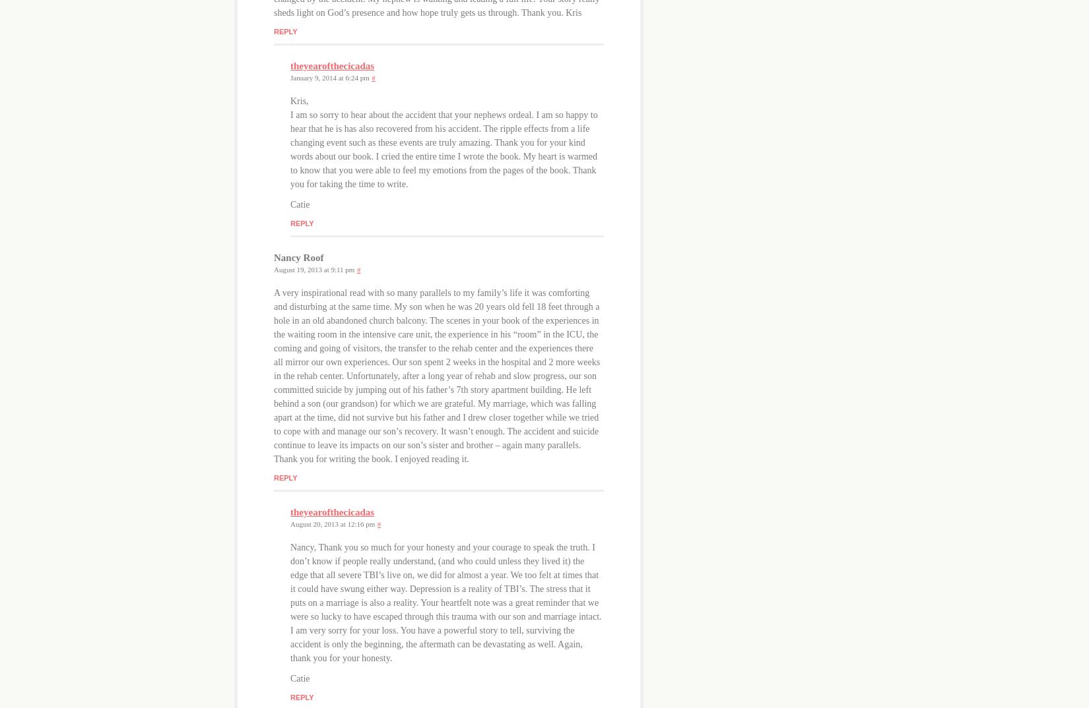 This screenshot has height=708, width=1089. Describe the element at coordinates (290, 601) in the screenshot. I see `'Nancy, Thank you so much for your honesty and your courage to speak the truth. I don’t know if people really understand, (and who could unless they lived it) the edge that all severe TBI’s live on, we did for almost a year. We too felt at times that it could have swung either way.  Depression is a reality of TBI’s. The stress that it puts on a marriage is also a reality. Your heartfelt note was a great reminder that we were so lucky to have escaped through this trauma with our son and marriage intact. I am very sorry for your loss. You have a powerful story to tell, surviving the accident is only the beginning, the aftermath can be devastating as well. Again, thank you for your honesty.'` at that location.